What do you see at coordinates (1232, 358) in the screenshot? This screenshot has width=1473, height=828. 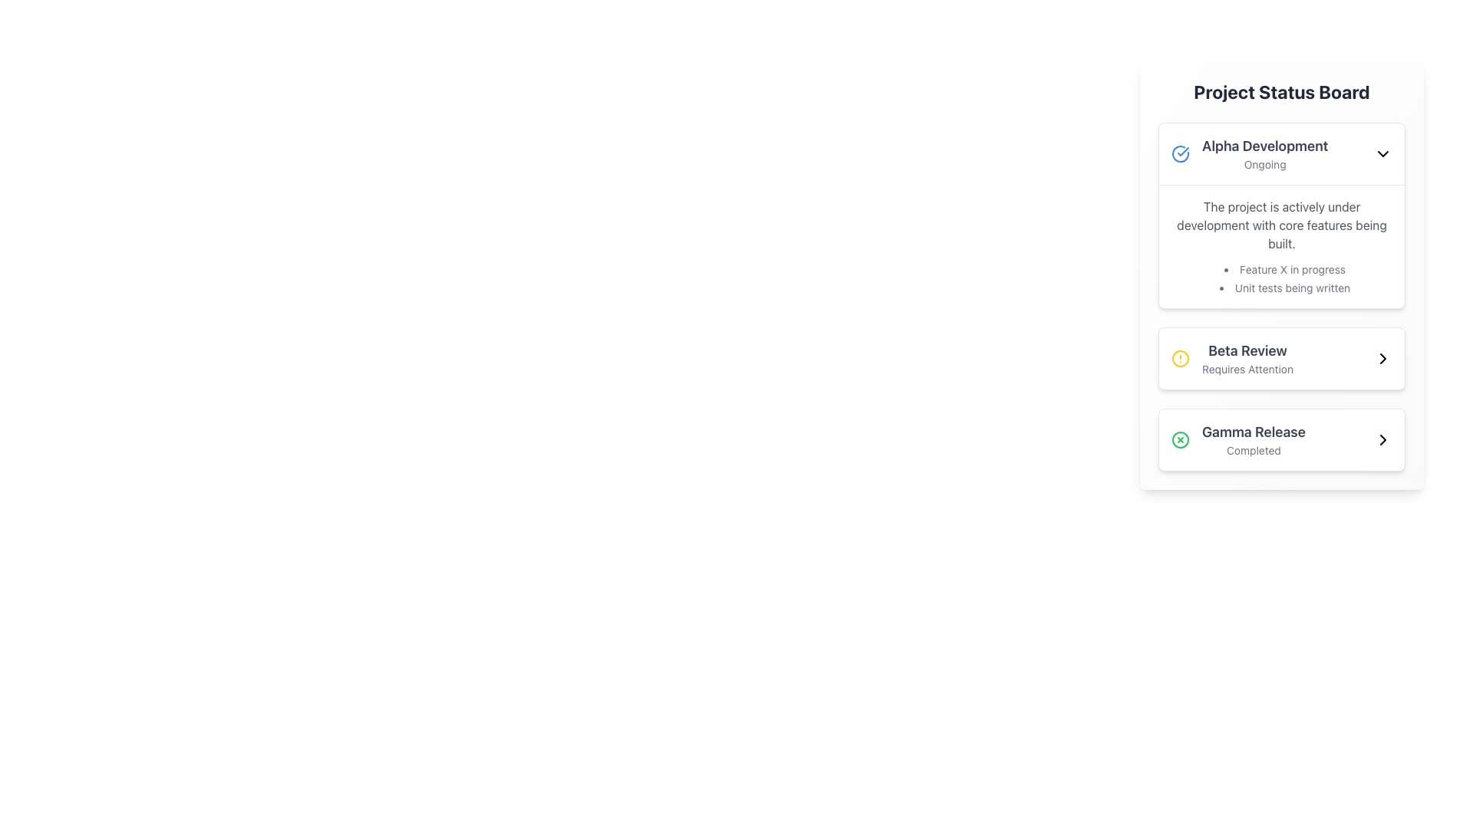 I see `the informational list item indicating that the 'Beta Review' stage requires attention, located in the second row of the 'Project Status Board'` at bounding box center [1232, 358].